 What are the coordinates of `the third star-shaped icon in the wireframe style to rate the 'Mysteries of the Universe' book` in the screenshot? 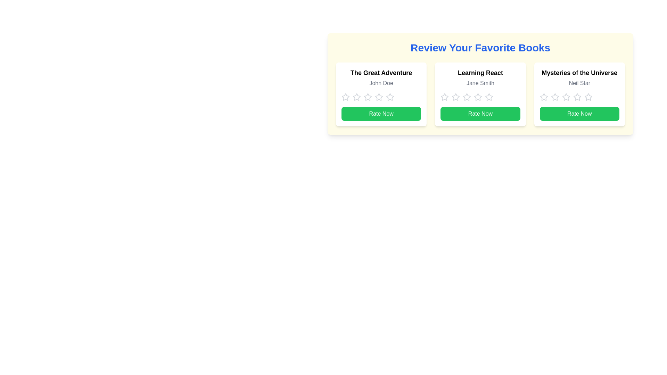 It's located at (566, 97).